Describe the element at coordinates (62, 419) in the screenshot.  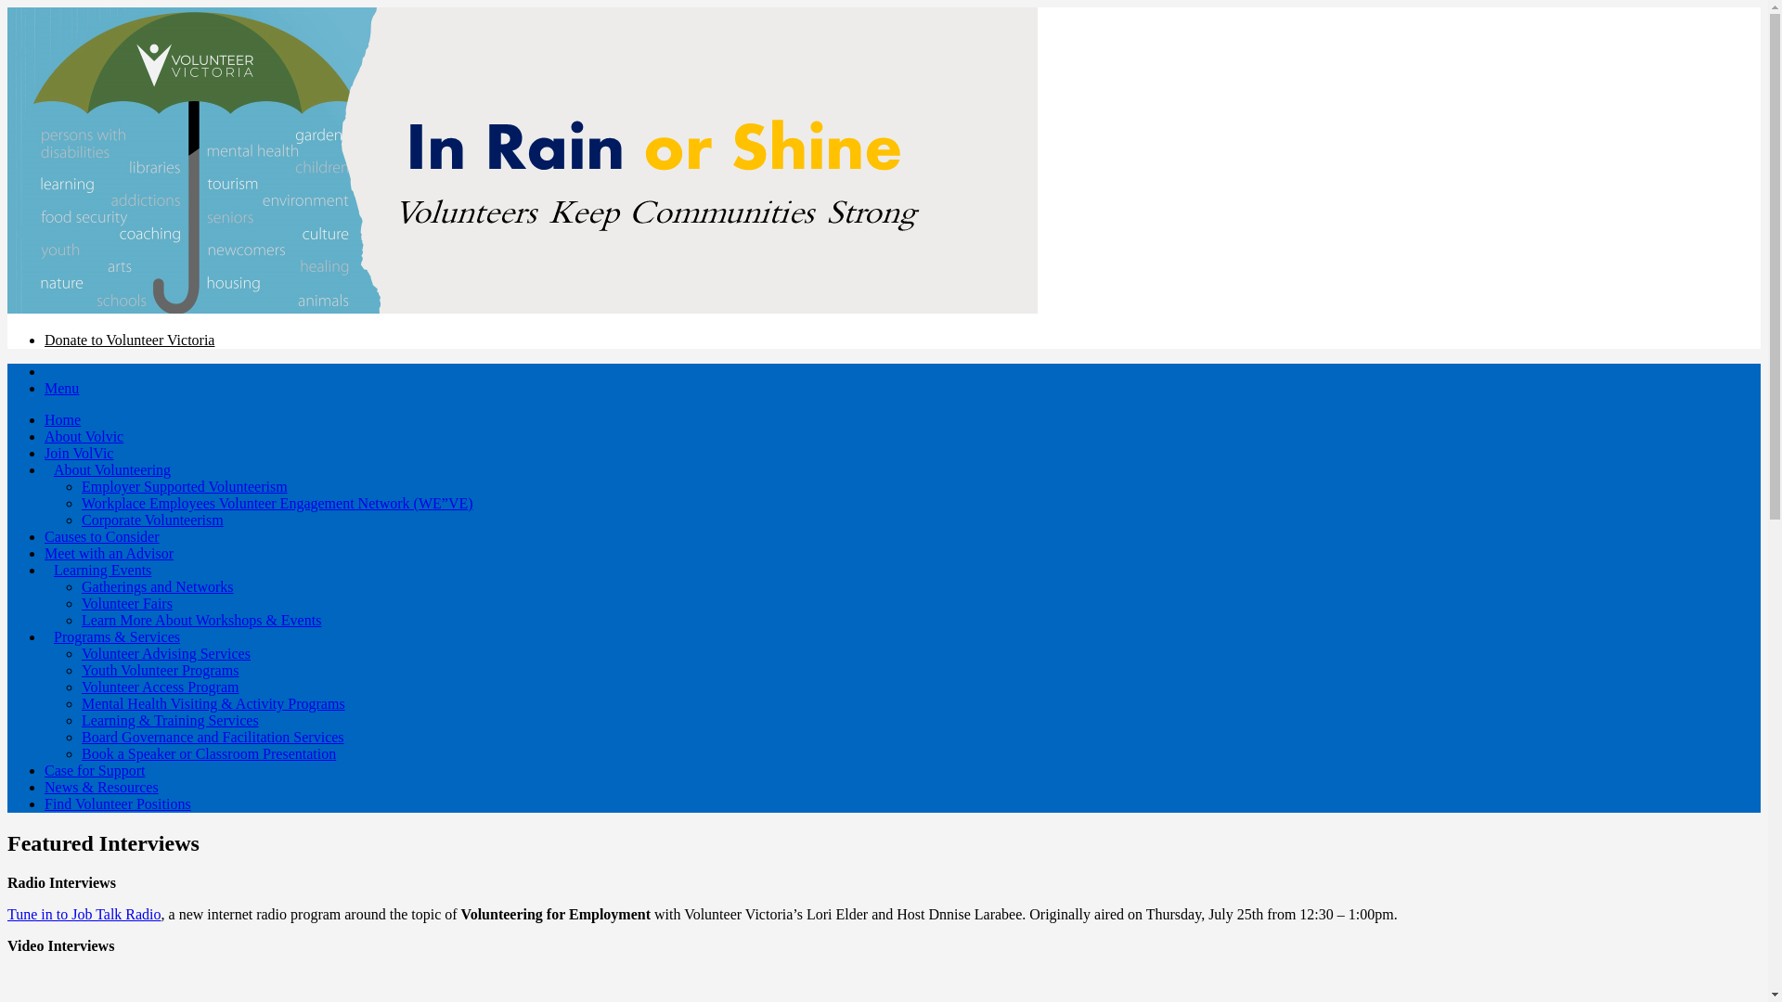
I see `'Home'` at that location.